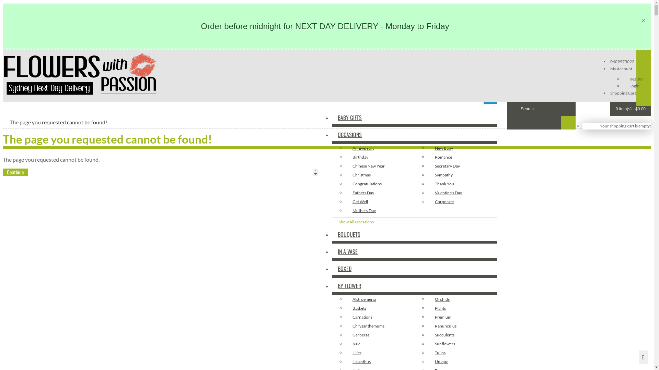 This screenshot has height=370, width=659. What do you see at coordinates (462, 334) in the screenshot?
I see `'Succulents'` at bounding box center [462, 334].